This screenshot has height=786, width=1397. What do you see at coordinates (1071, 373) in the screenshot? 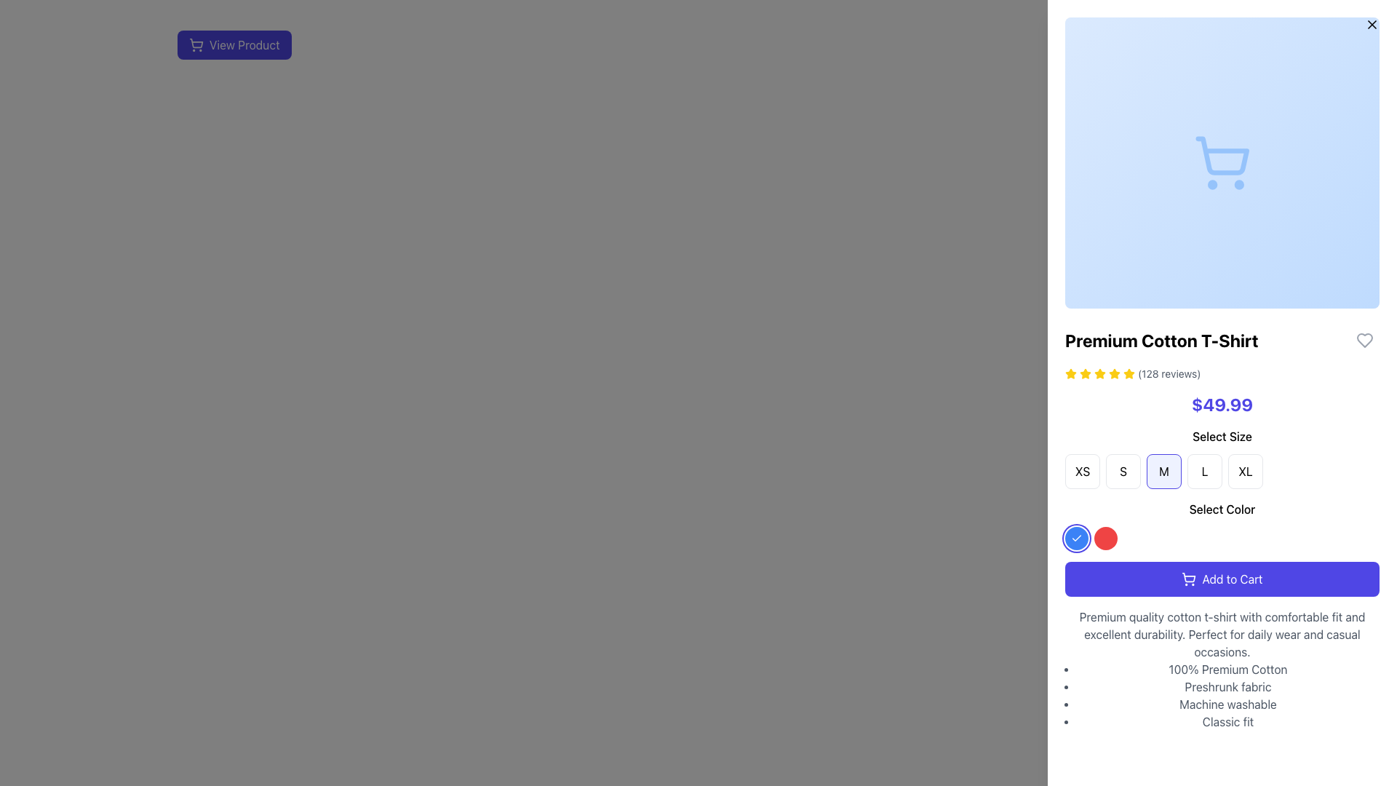
I see `the first star icon in the rating system located below 'Premium Cotton T-Shirt' and above the price label` at bounding box center [1071, 373].